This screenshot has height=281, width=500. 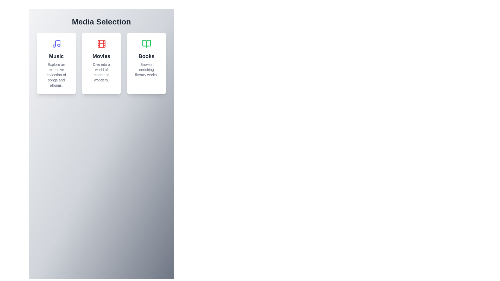 What do you see at coordinates (146, 63) in the screenshot?
I see `the rightmost card in the series of three cards` at bounding box center [146, 63].